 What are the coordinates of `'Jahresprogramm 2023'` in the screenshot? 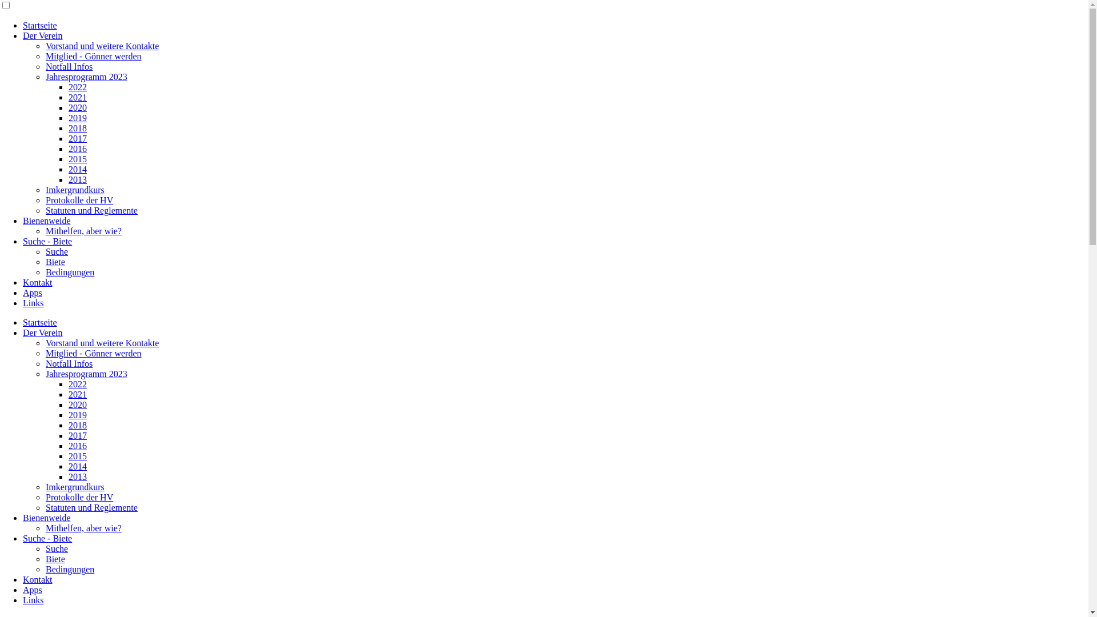 It's located at (86, 77).